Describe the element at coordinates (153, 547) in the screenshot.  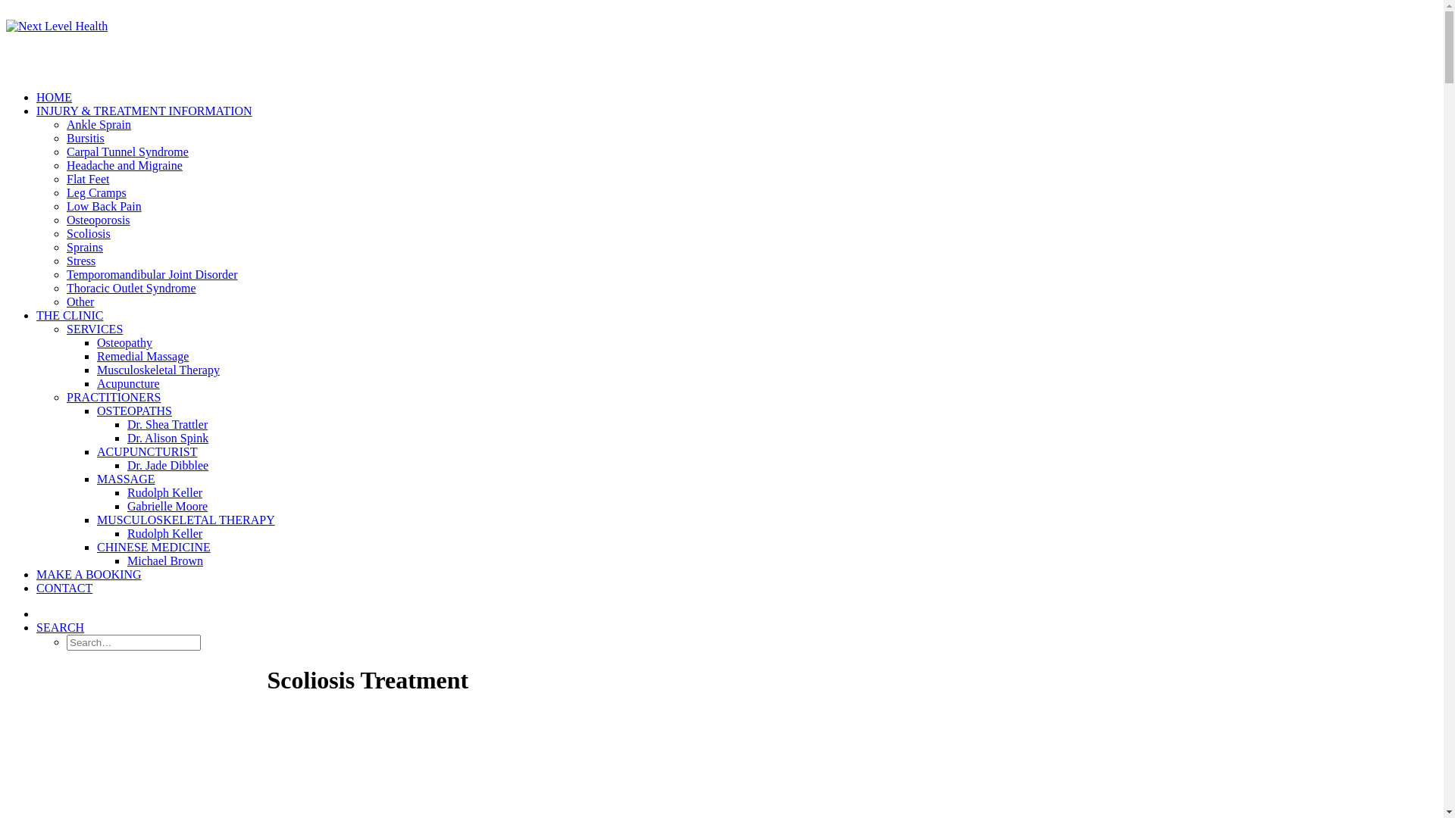
I see `'CHINESE MEDICINE'` at that location.